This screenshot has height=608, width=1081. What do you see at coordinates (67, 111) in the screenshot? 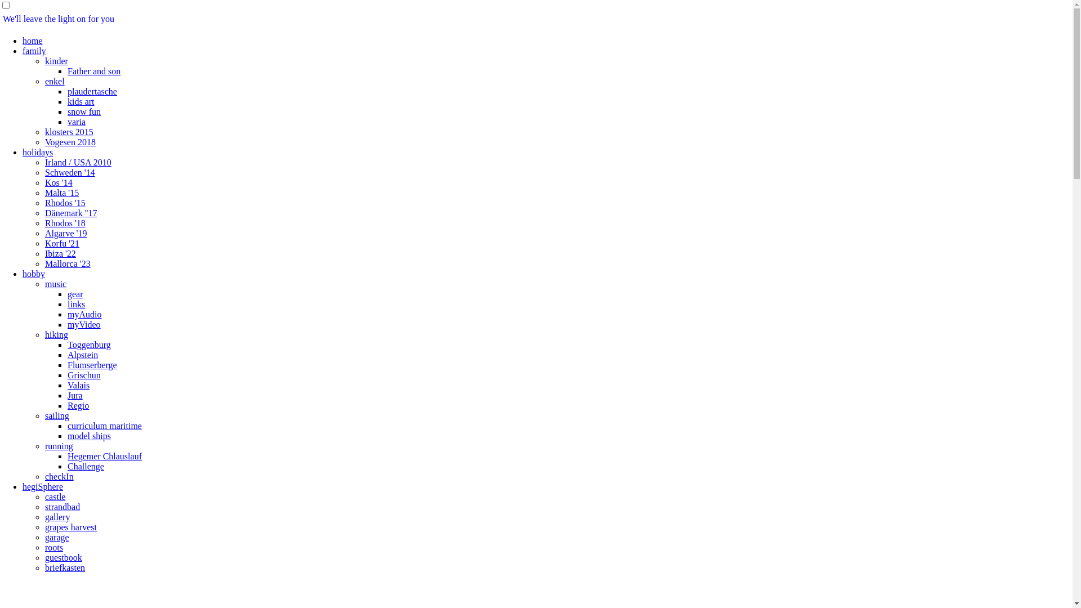
I see `'snow fun'` at bounding box center [67, 111].